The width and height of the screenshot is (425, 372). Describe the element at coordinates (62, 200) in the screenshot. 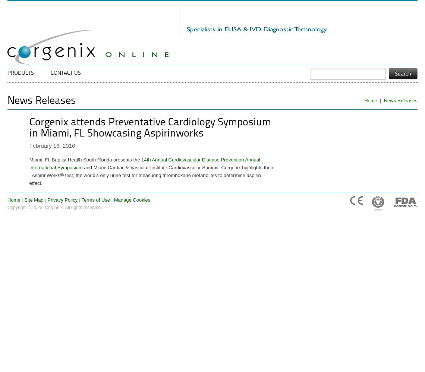

I see `'Privacy Policy'` at that location.